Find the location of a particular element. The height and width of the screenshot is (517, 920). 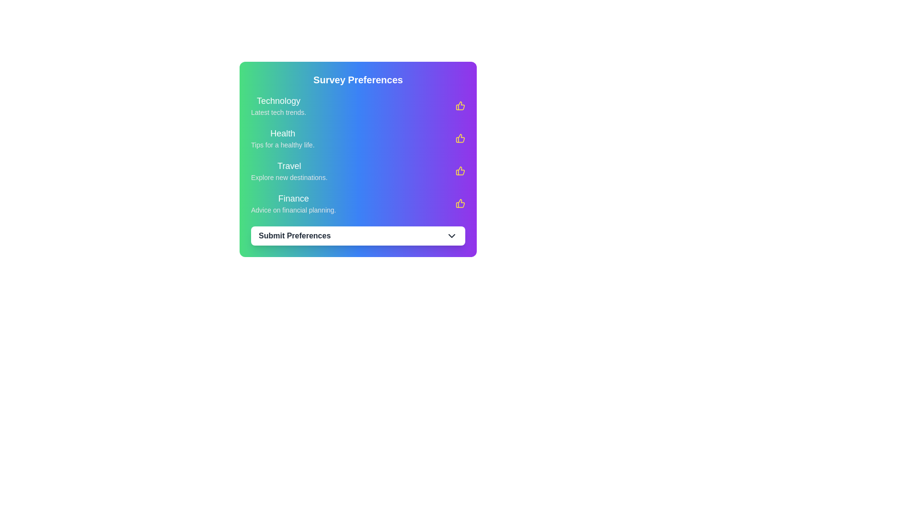

the text label providing additional descriptive information about 'Finance' in the 'Survey Preferences' section is located at coordinates (293, 210).